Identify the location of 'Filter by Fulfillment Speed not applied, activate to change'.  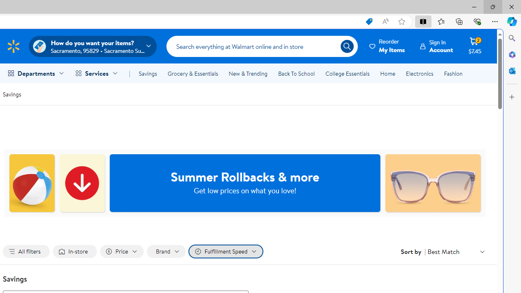
(225, 251).